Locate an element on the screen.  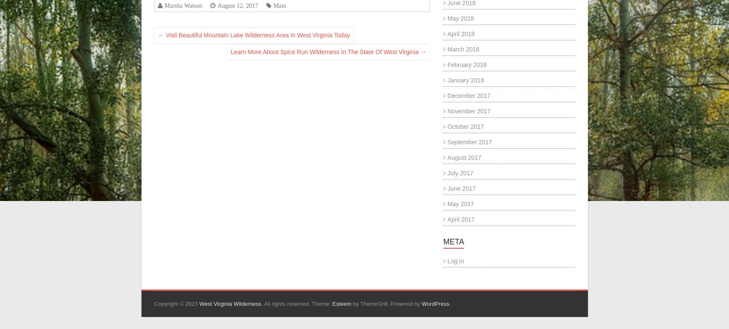
'January 2018' is located at coordinates (465, 79).